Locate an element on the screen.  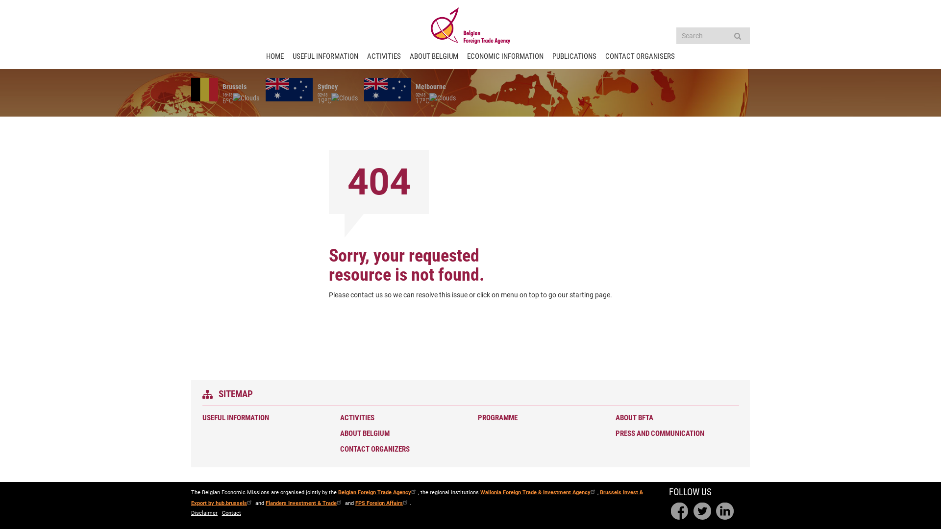
'PROGRAMME' is located at coordinates (537, 418).